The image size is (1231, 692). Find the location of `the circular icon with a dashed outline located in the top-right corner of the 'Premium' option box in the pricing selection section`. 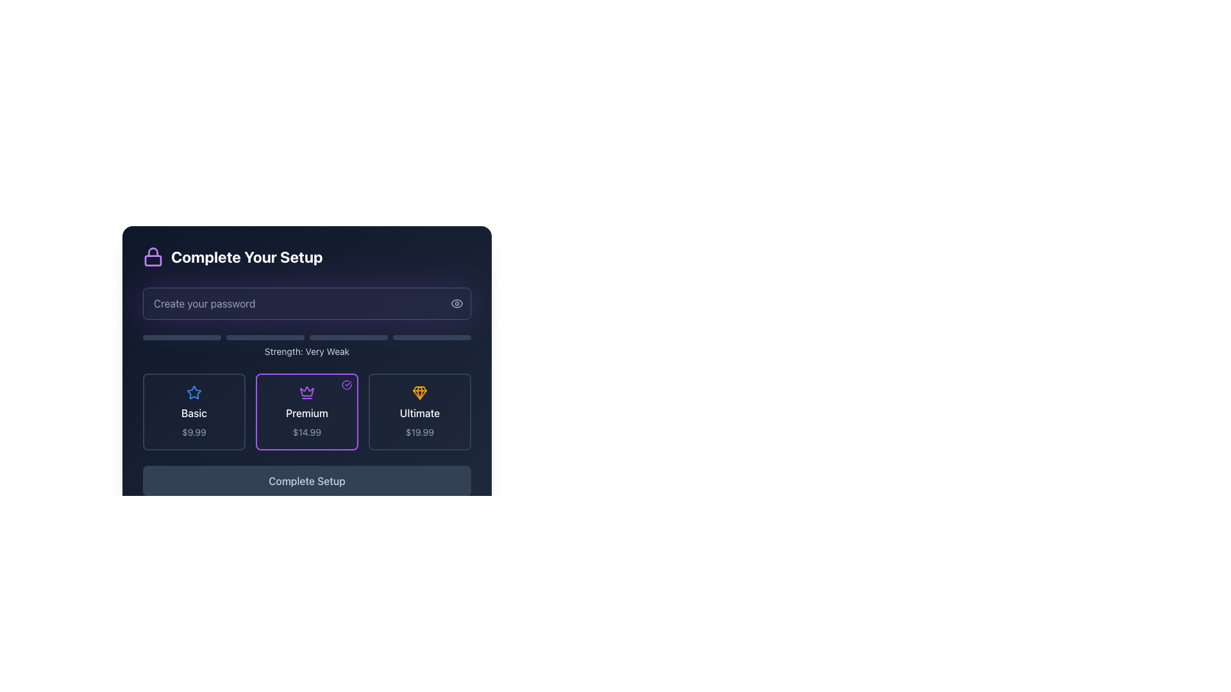

the circular icon with a dashed outline located in the top-right corner of the 'Premium' option box in the pricing selection section is located at coordinates (347, 384).